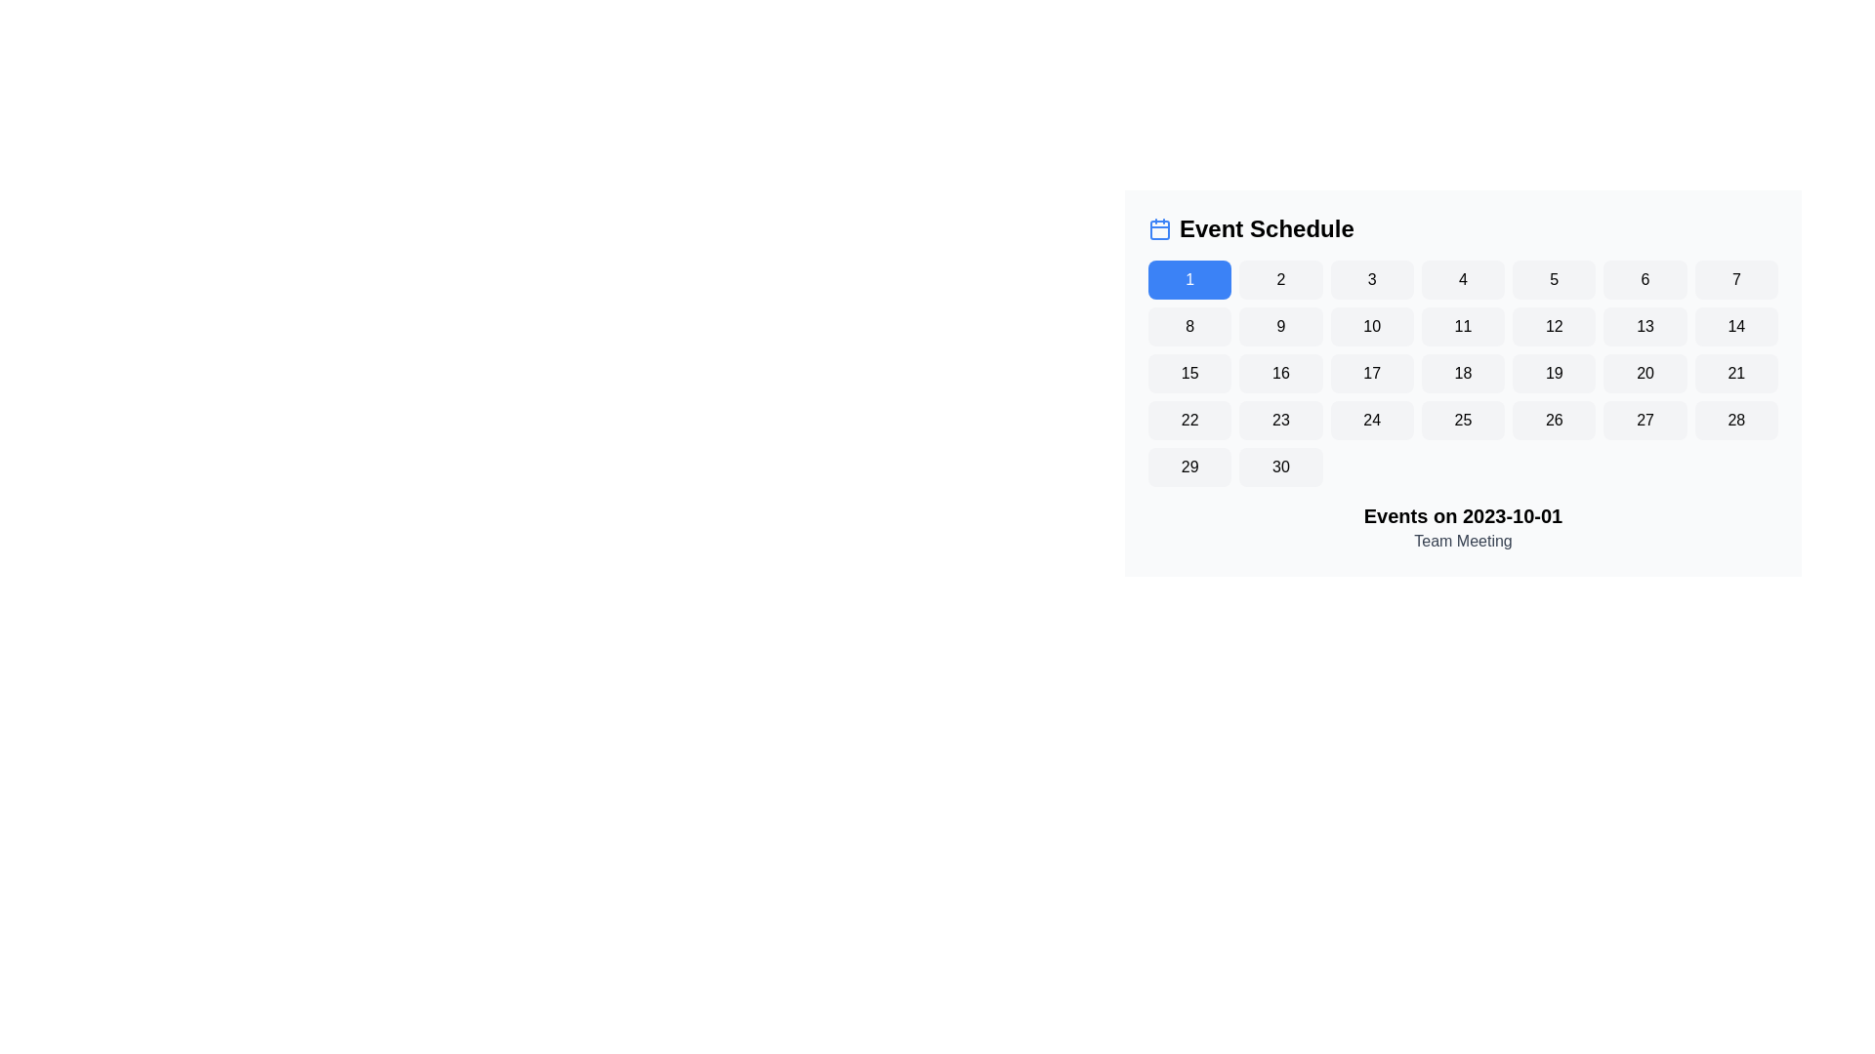 This screenshot has width=1875, height=1054. Describe the element at coordinates (1553, 326) in the screenshot. I see `the button displaying the number '12' located in the second row, fifth column of the grid under the 'Event Schedule' section` at that location.